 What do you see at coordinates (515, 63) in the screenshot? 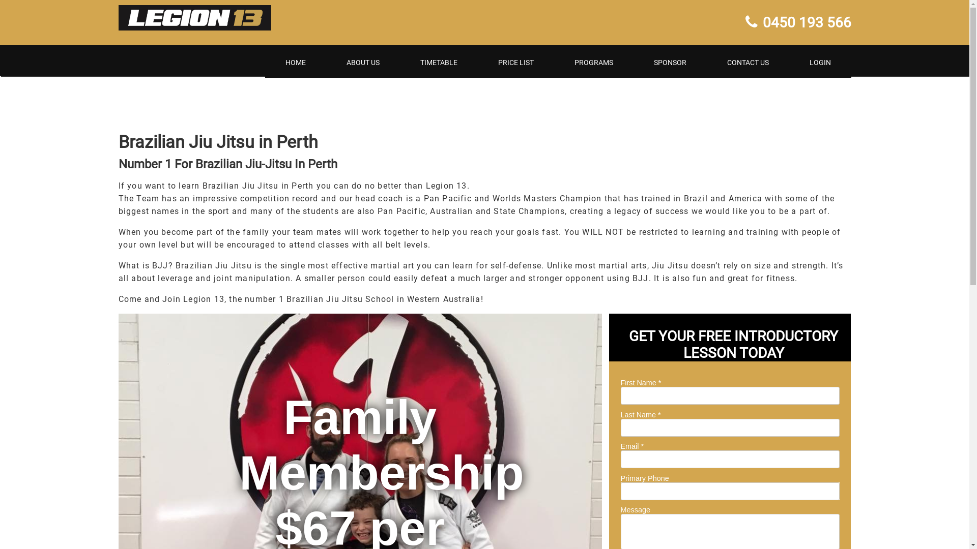
I see `'PRICE LIST'` at bounding box center [515, 63].